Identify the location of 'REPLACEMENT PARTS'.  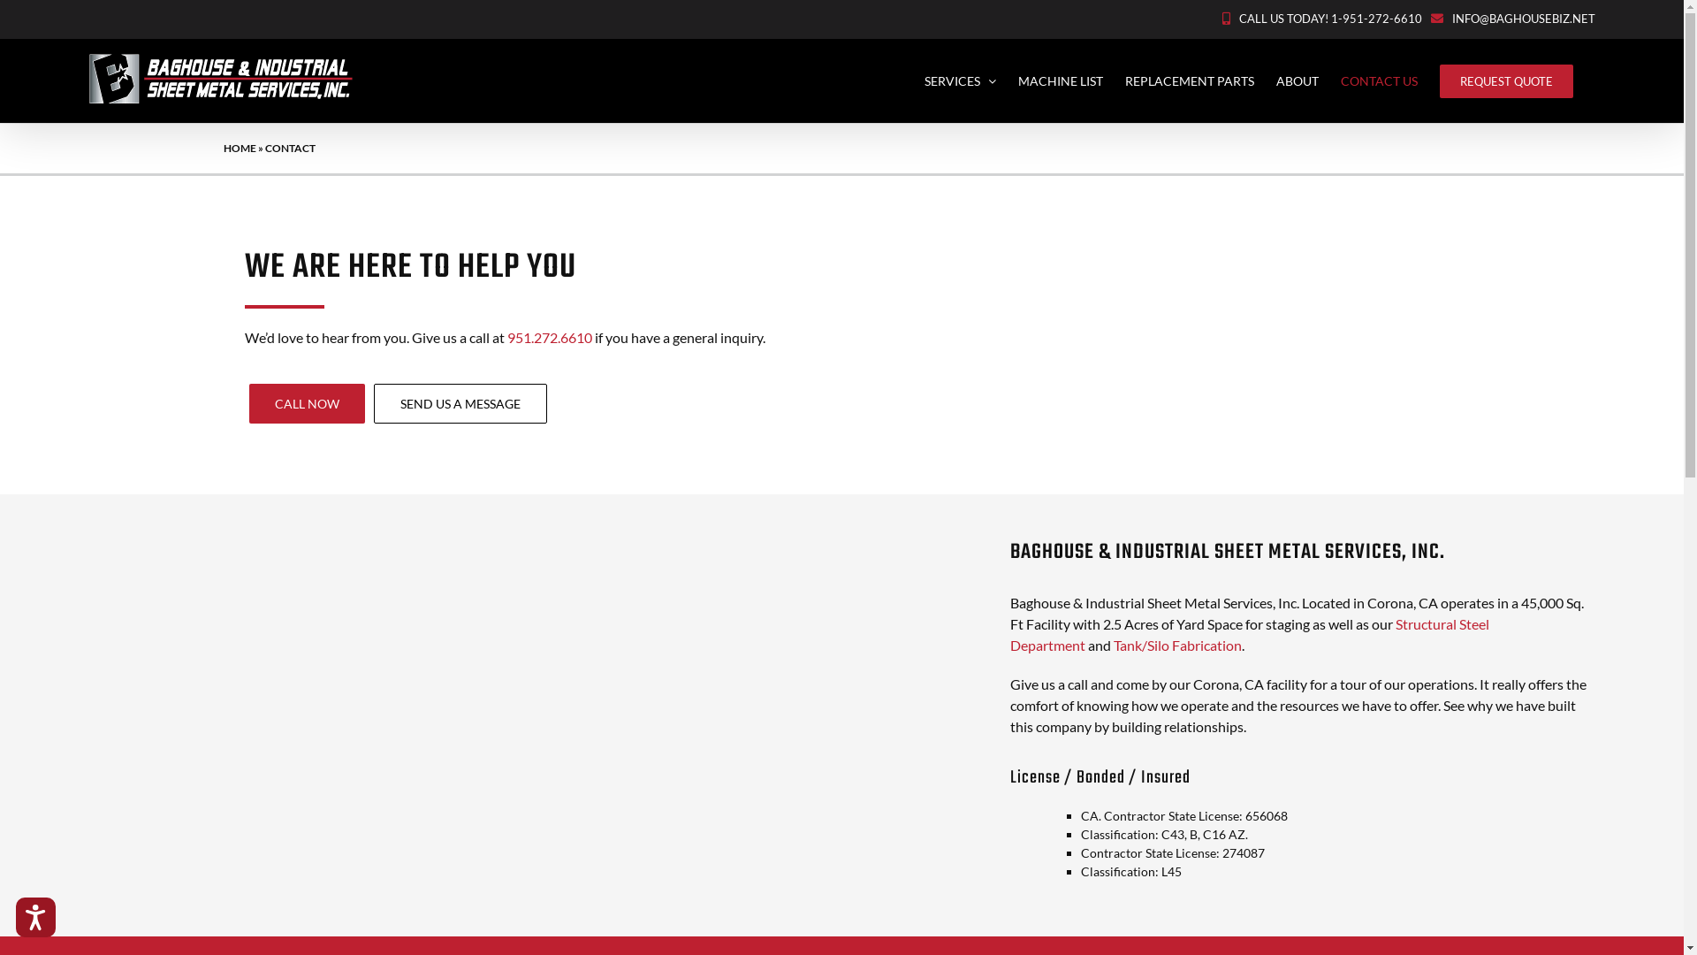
(1189, 80).